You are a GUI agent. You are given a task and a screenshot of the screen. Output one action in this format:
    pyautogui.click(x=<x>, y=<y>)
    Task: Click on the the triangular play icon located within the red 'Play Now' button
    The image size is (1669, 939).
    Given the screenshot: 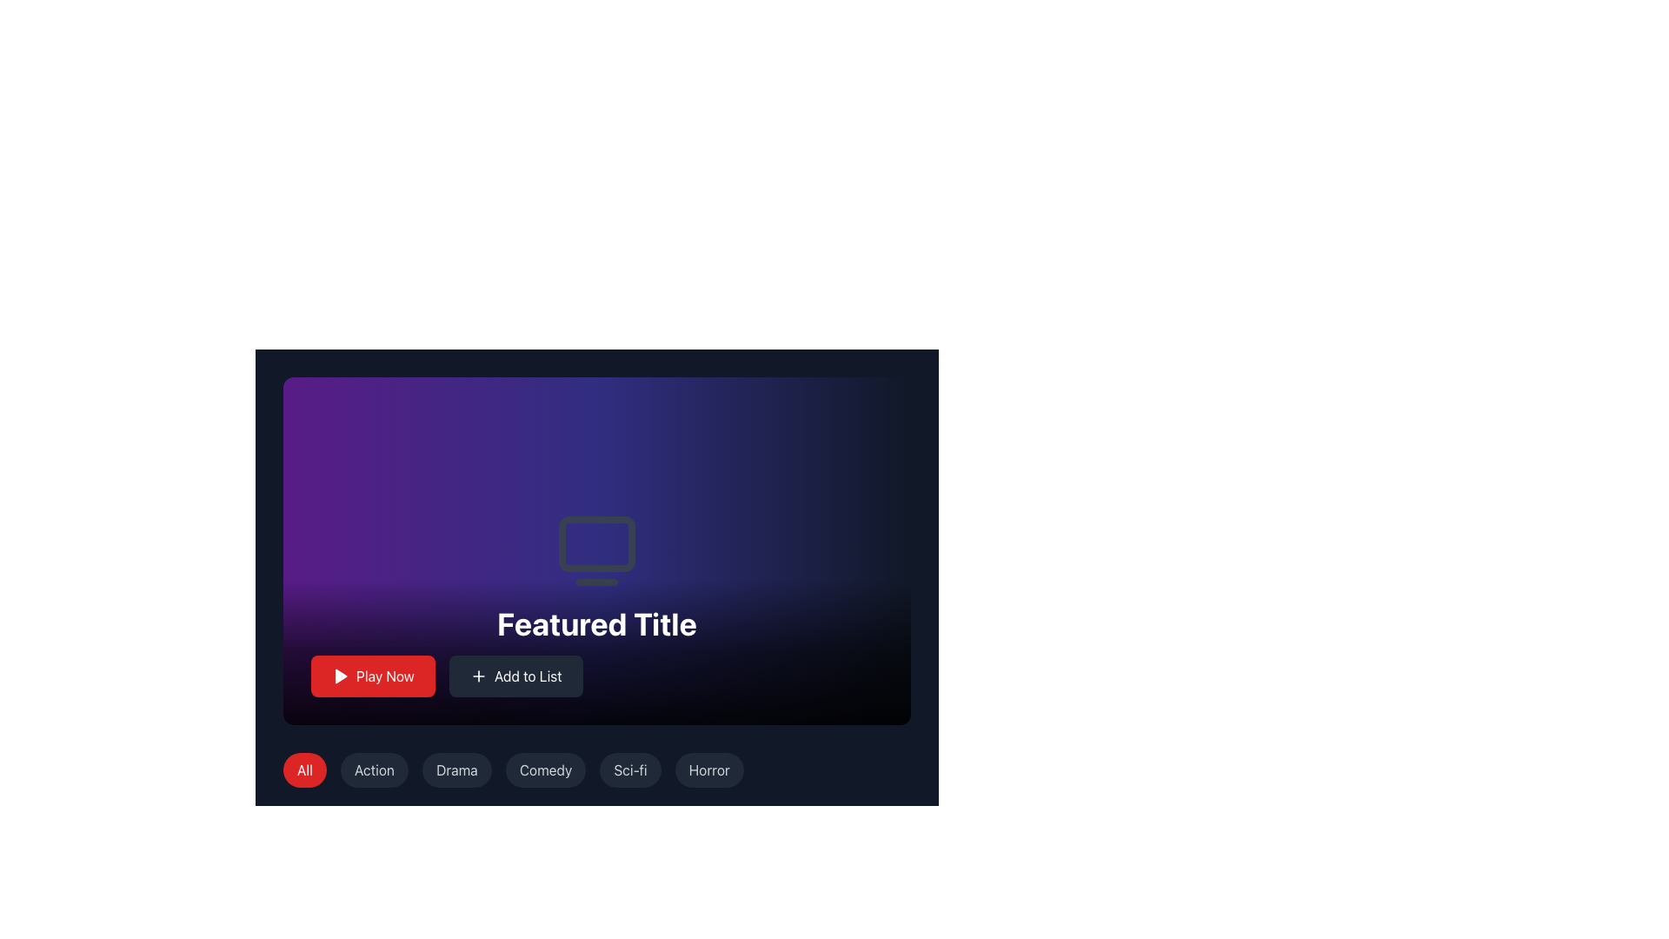 What is the action you would take?
    pyautogui.click(x=341, y=676)
    